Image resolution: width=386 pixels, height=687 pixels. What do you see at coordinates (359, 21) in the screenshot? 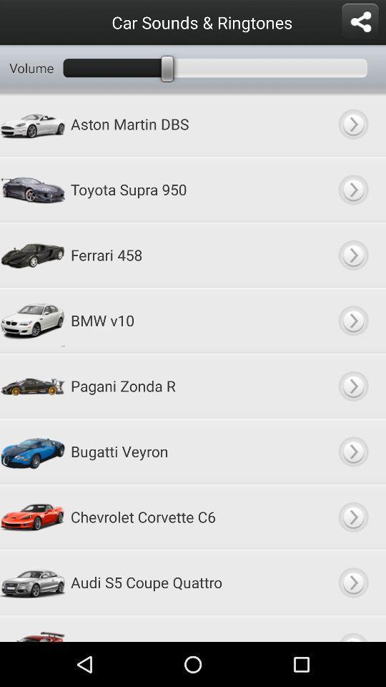
I see `share with others` at bounding box center [359, 21].